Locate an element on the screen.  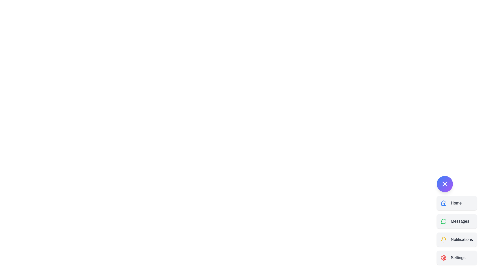
the 'Settings' button is located at coordinates (457, 258).